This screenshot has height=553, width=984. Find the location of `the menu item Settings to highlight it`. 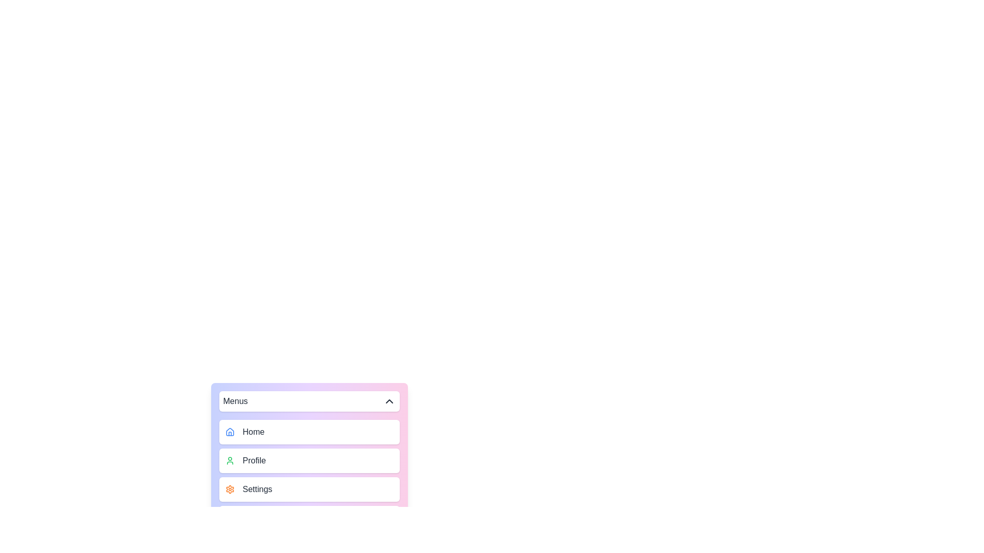

the menu item Settings to highlight it is located at coordinates (309, 489).